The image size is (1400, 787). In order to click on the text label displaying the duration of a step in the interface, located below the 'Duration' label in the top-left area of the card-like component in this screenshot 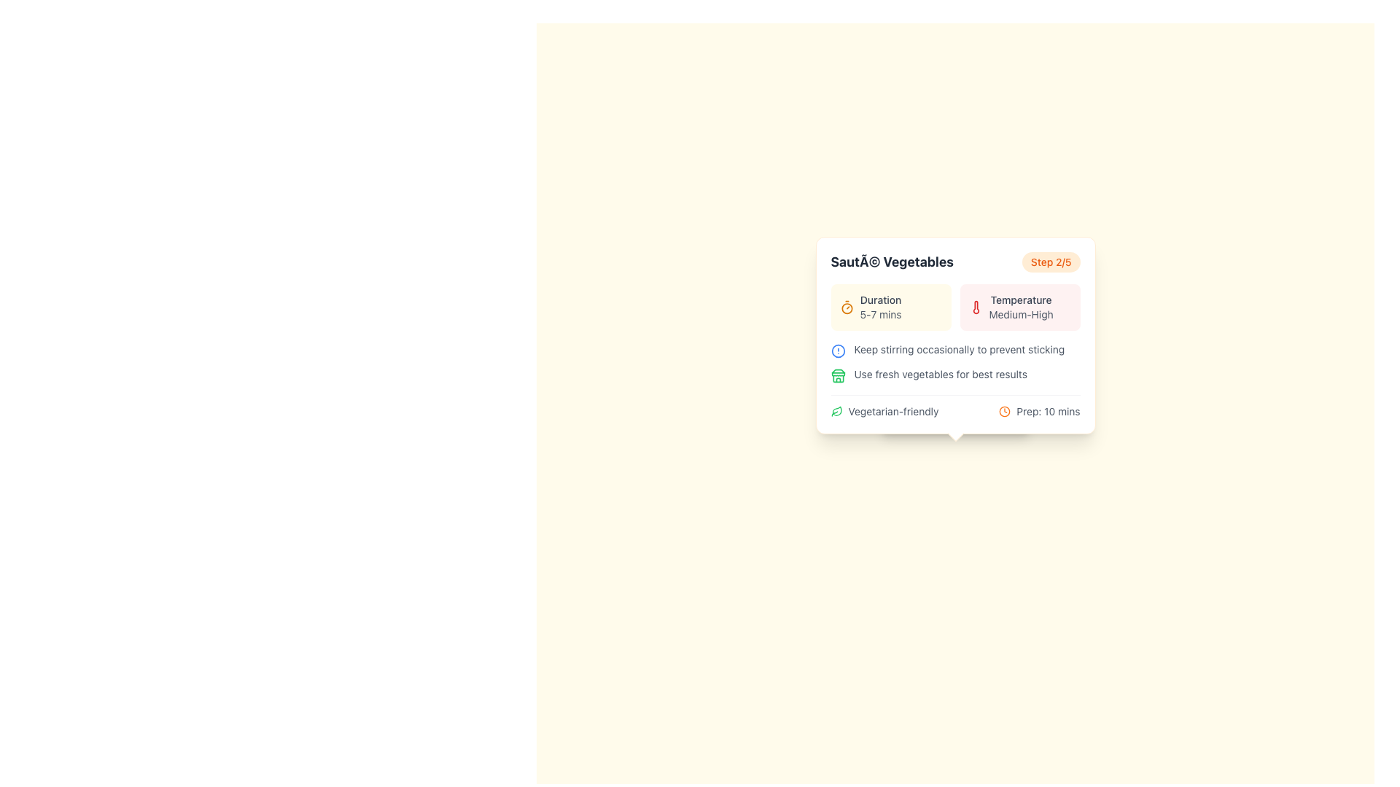, I will do `click(880, 314)`.